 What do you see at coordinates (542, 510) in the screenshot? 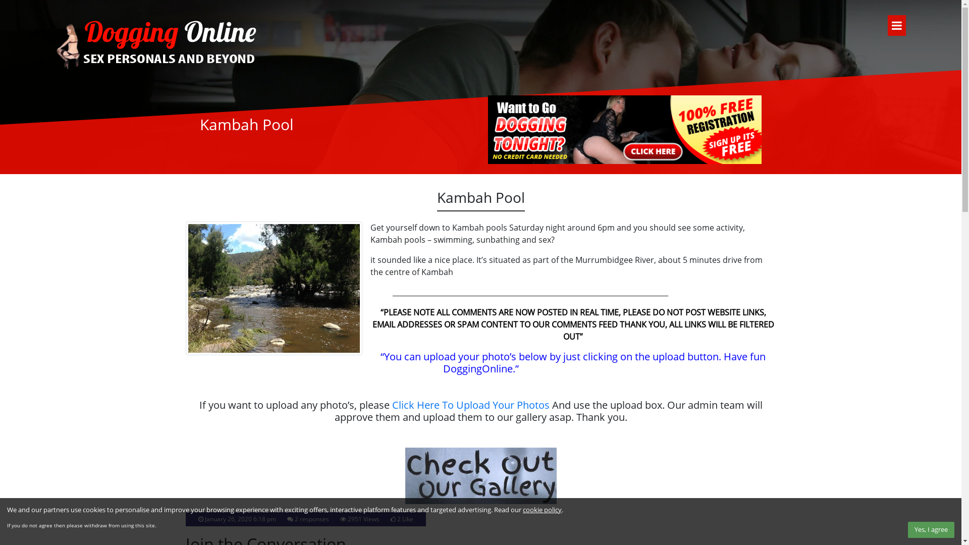
I see `'cookie policy'` at bounding box center [542, 510].